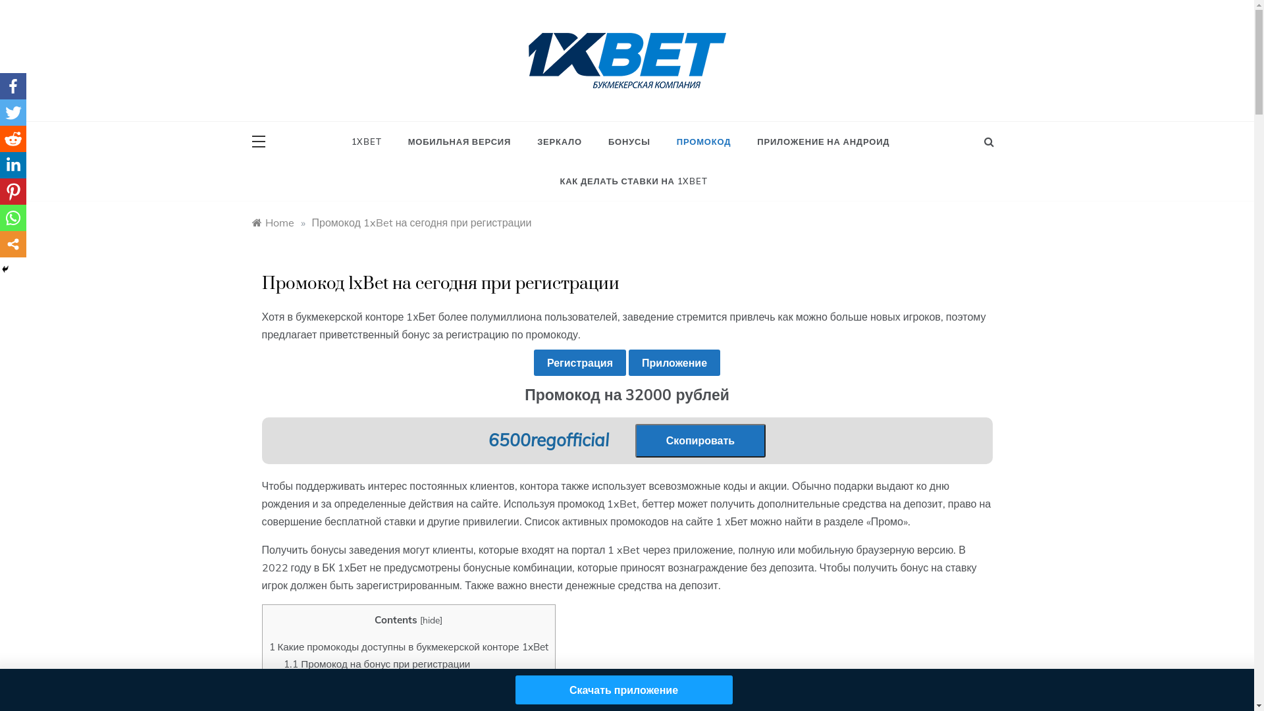 This screenshot has width=1264, height=711. I want to click on 'Linkedin', so click(13, 164).